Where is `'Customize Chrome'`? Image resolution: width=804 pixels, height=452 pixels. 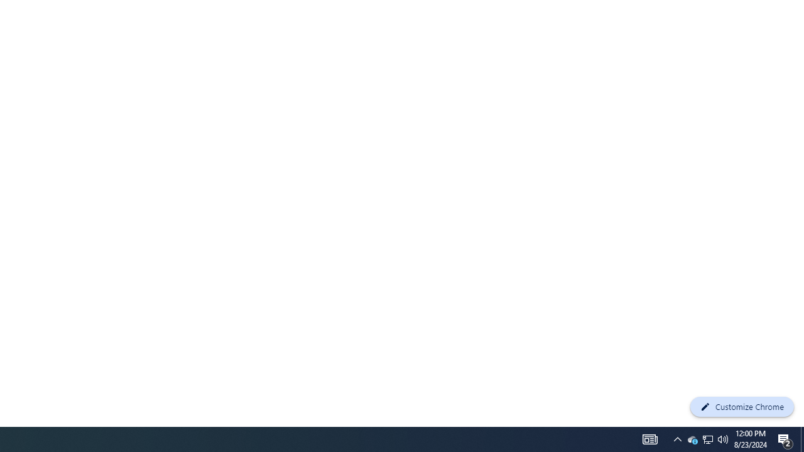
'Customize Chrome' is located at coordinates (742, 407).